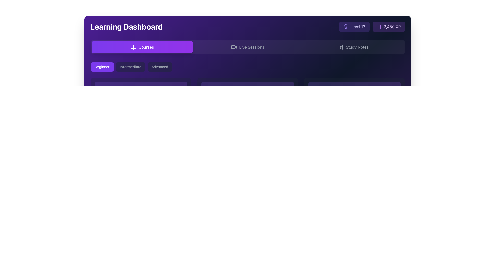  I want to click on the small rounded rectangle filled with dark purple color inside the SVG video camera icon, located adjacent to the 'Live Sessions' text in the top navigation bar, so click(233, 47).